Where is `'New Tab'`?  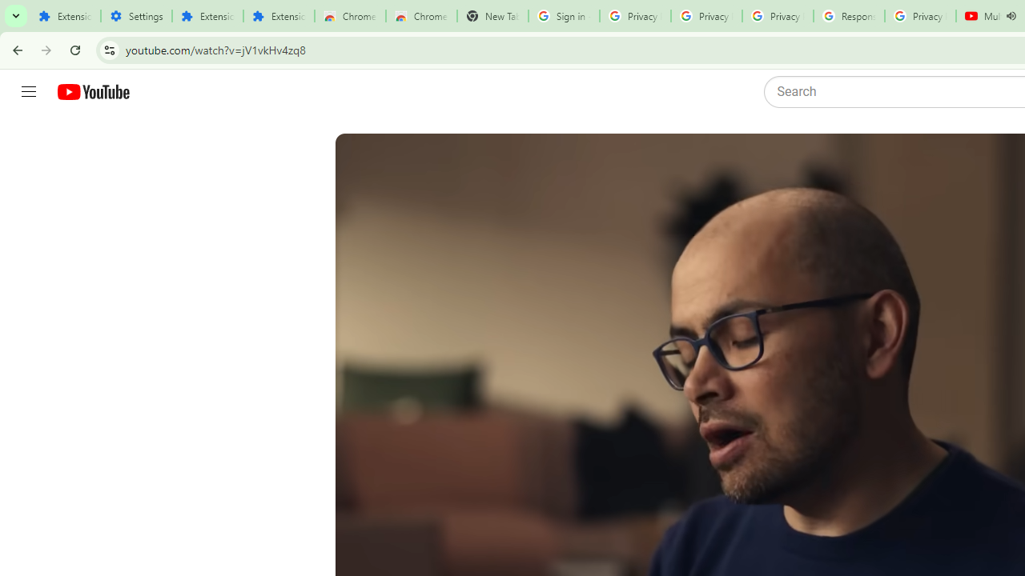
'New Tab' is located at coordinates (492, 16).